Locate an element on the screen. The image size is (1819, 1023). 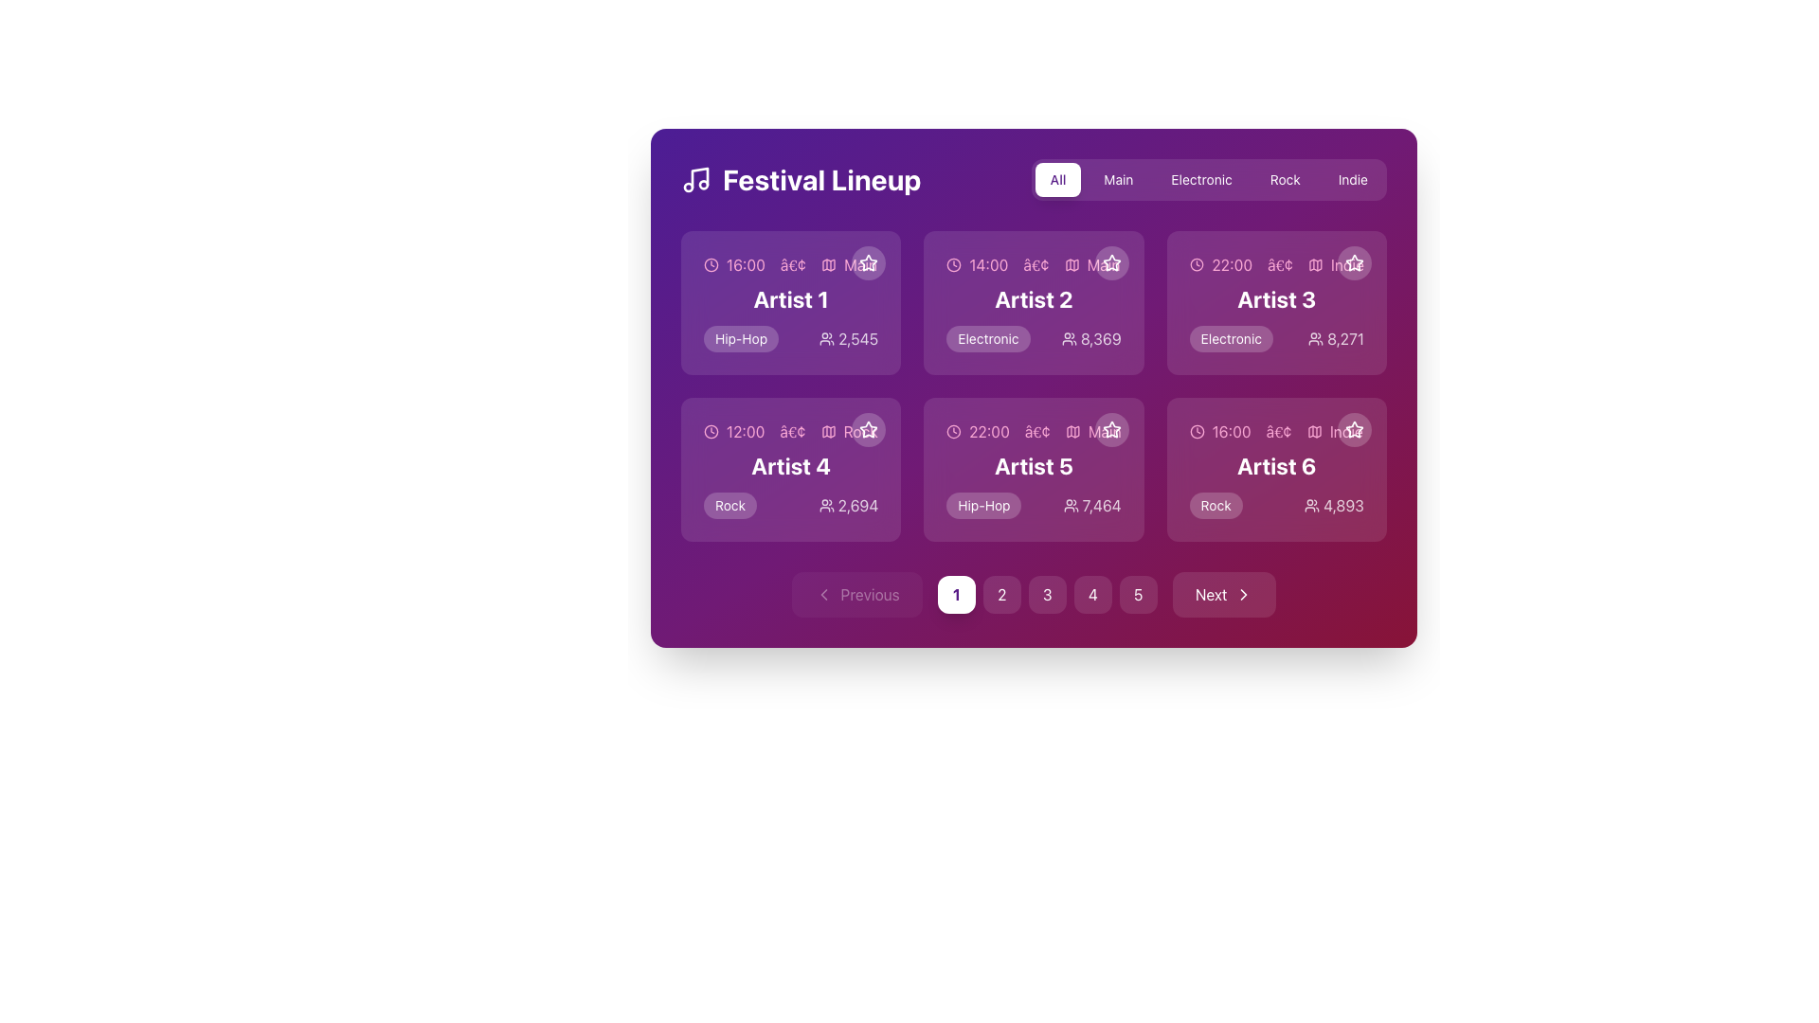
the Text Label displaying the name of the artist scheduled for the indicated time and stage, located in the performance lineup panel, second item in the top row, to the right of 'Artist 1' and left of 'Artist 3' is located at coordinates (1033, 298).